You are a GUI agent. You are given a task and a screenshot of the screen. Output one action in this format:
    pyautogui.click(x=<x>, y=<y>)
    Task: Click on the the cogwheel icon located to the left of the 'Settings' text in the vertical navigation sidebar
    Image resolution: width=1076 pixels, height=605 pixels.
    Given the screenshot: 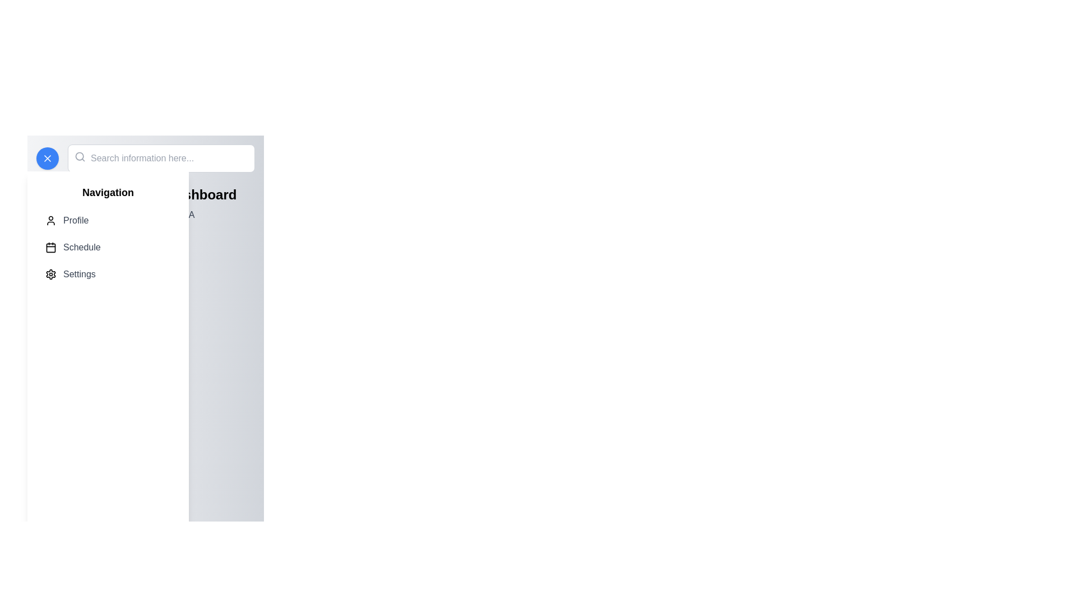 What is the action you would take?
    pyautogui.click(x=50, y=274)
    